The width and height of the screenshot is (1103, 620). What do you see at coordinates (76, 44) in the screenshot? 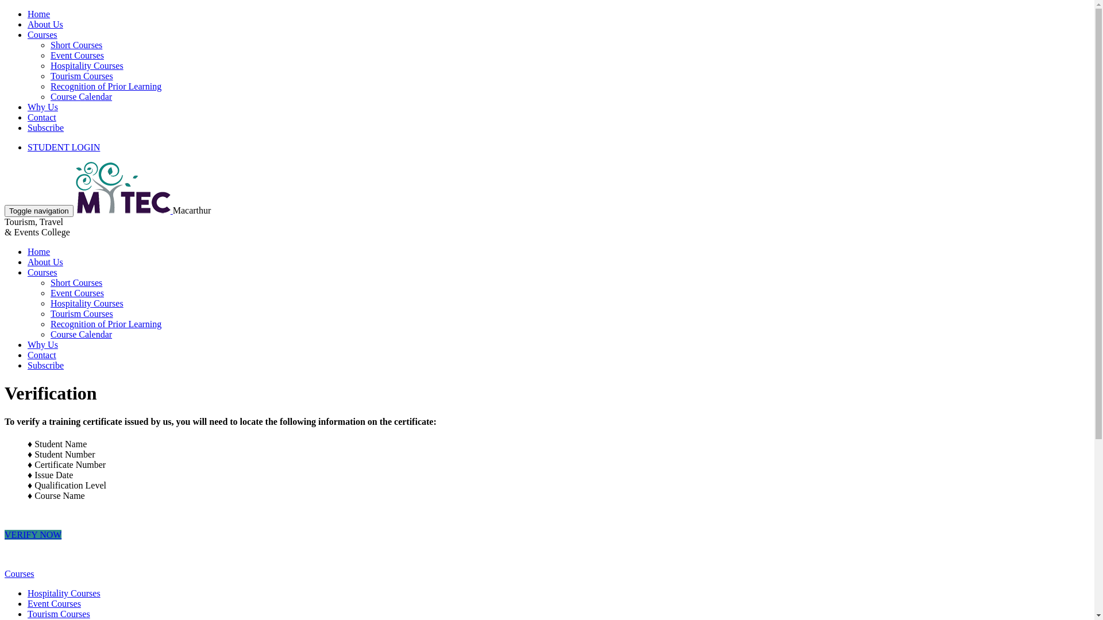
I see `'Short Courses'` at bounding box center [76, 44].